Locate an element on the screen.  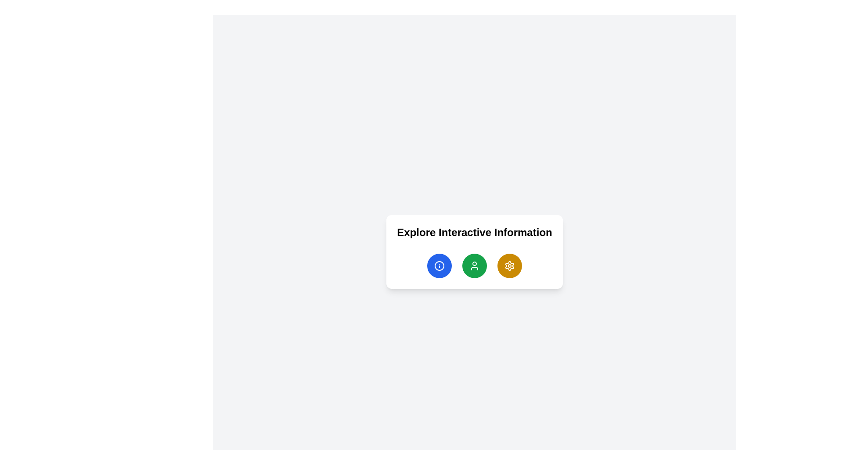
the orange circular settings gear icon button located in the bottom right corner of the 'Explore Interactive Information' card is located at coordinates (510, 265).